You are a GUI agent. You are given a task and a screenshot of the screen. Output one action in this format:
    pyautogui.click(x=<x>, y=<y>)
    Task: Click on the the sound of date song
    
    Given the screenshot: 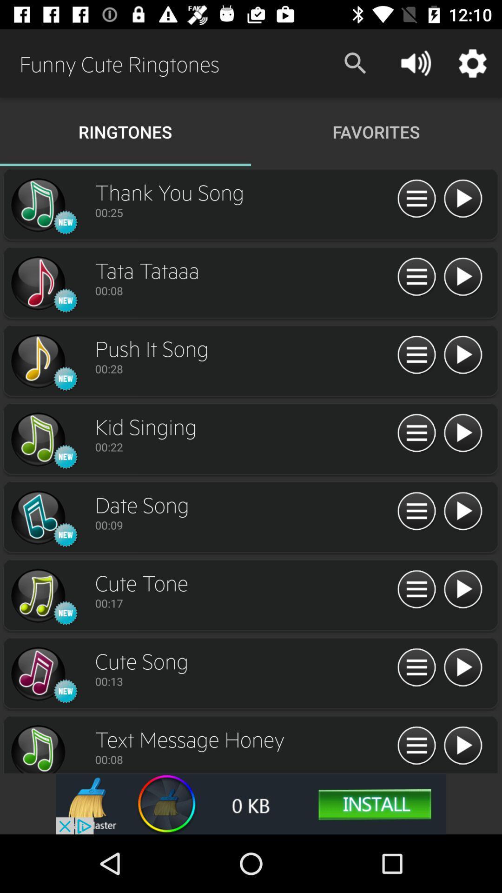 What is the action you would take?
    pyautogui.click(x=462, y=511)
    